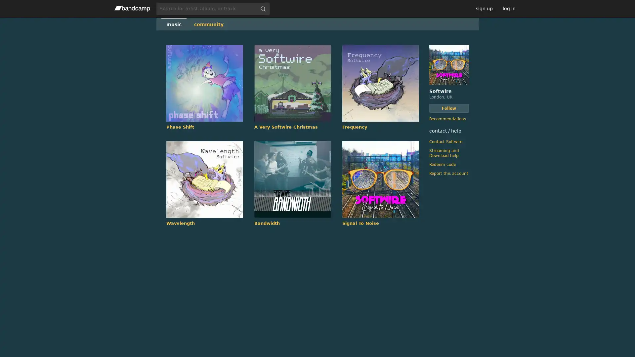 This screenshot has width=635, height=357. Describe the element at coordinates (449, 108) in the screenshot. I see `Follow` at that location.